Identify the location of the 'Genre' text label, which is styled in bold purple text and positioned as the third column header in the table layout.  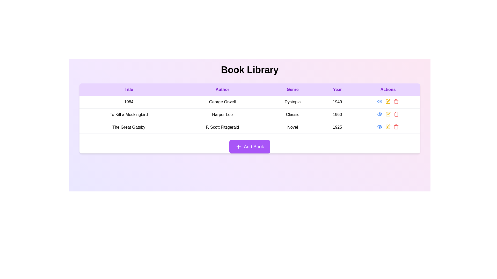
(293, 89).